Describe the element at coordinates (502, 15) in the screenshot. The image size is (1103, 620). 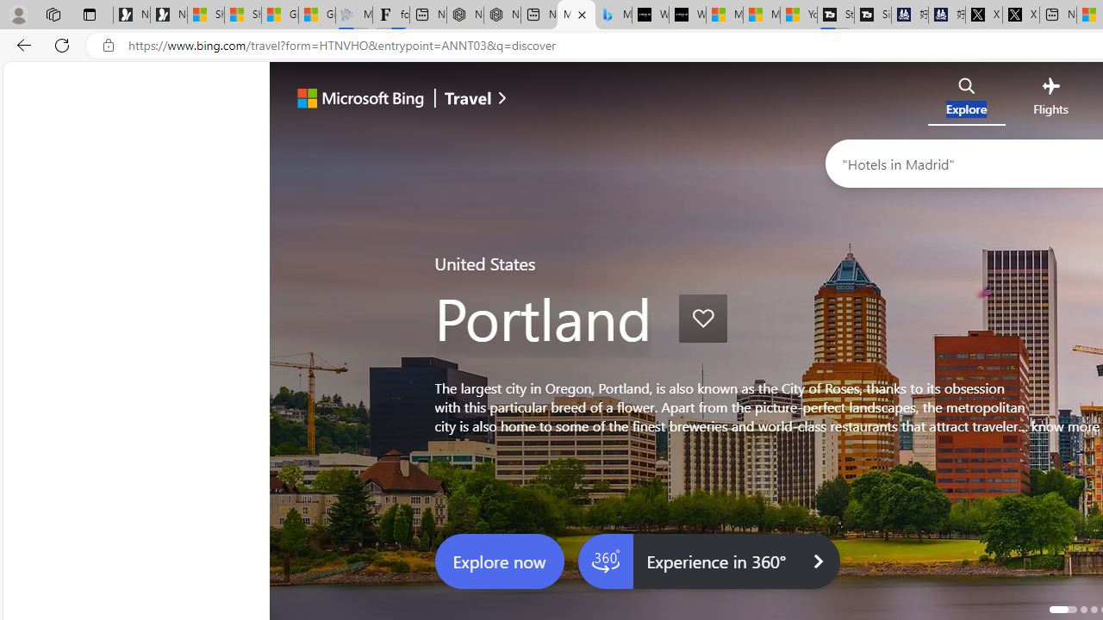
I see `'Nordace - #1 Japanese Best-Seller - Siena Smart Backpack'` at that location.